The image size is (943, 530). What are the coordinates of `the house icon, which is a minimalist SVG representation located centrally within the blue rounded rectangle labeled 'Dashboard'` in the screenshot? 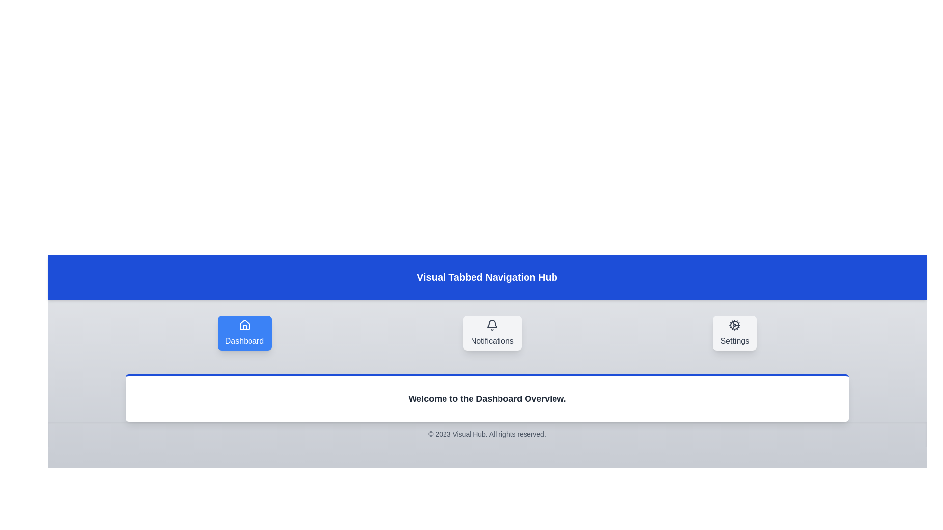 It's located at (244, 325).